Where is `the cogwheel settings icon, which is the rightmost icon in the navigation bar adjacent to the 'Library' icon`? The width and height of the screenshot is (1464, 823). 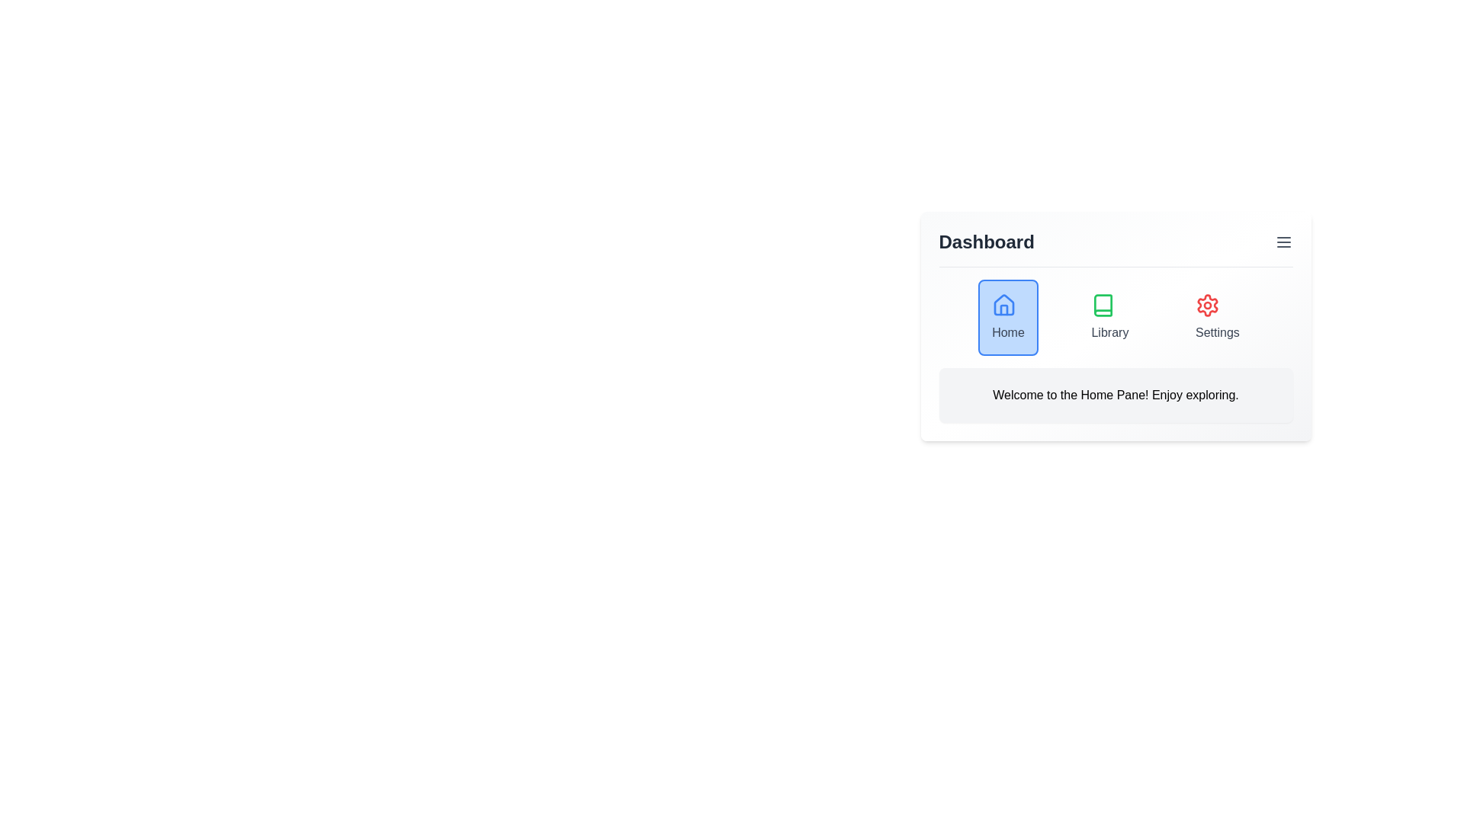
the cogwheel settings icon, which is the rightmost icon in the navigation bar adjacent to the 'Library' icon is located at coordinates (1207, 306).